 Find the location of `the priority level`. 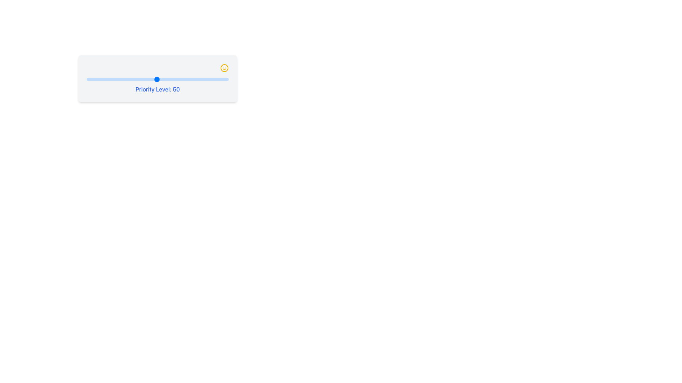

the priority level is located at coordinates (140, 79).